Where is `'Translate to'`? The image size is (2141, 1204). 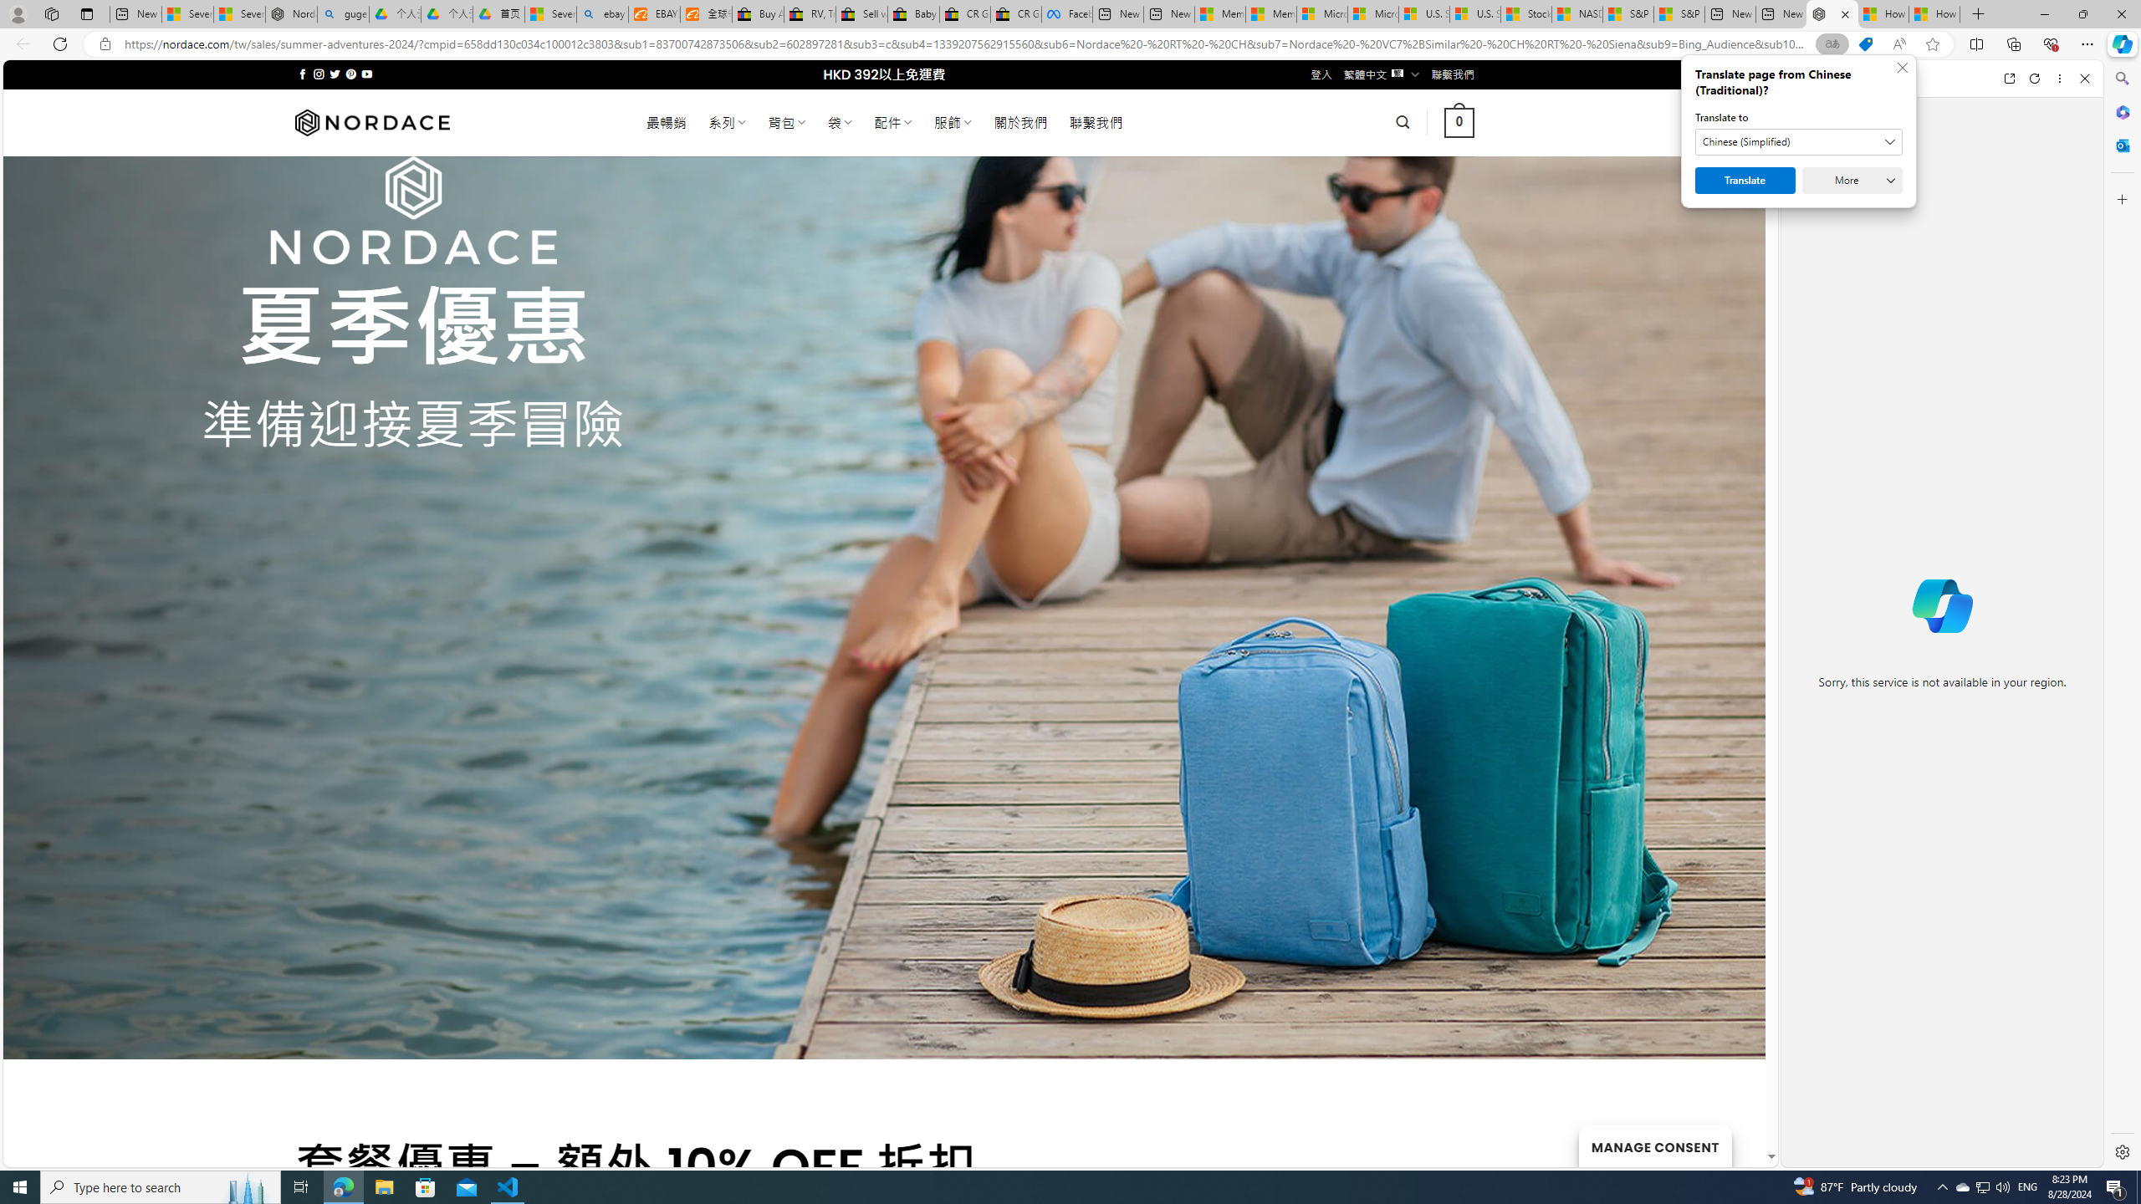 'Translate to' is located at coordinates (1799, 140).